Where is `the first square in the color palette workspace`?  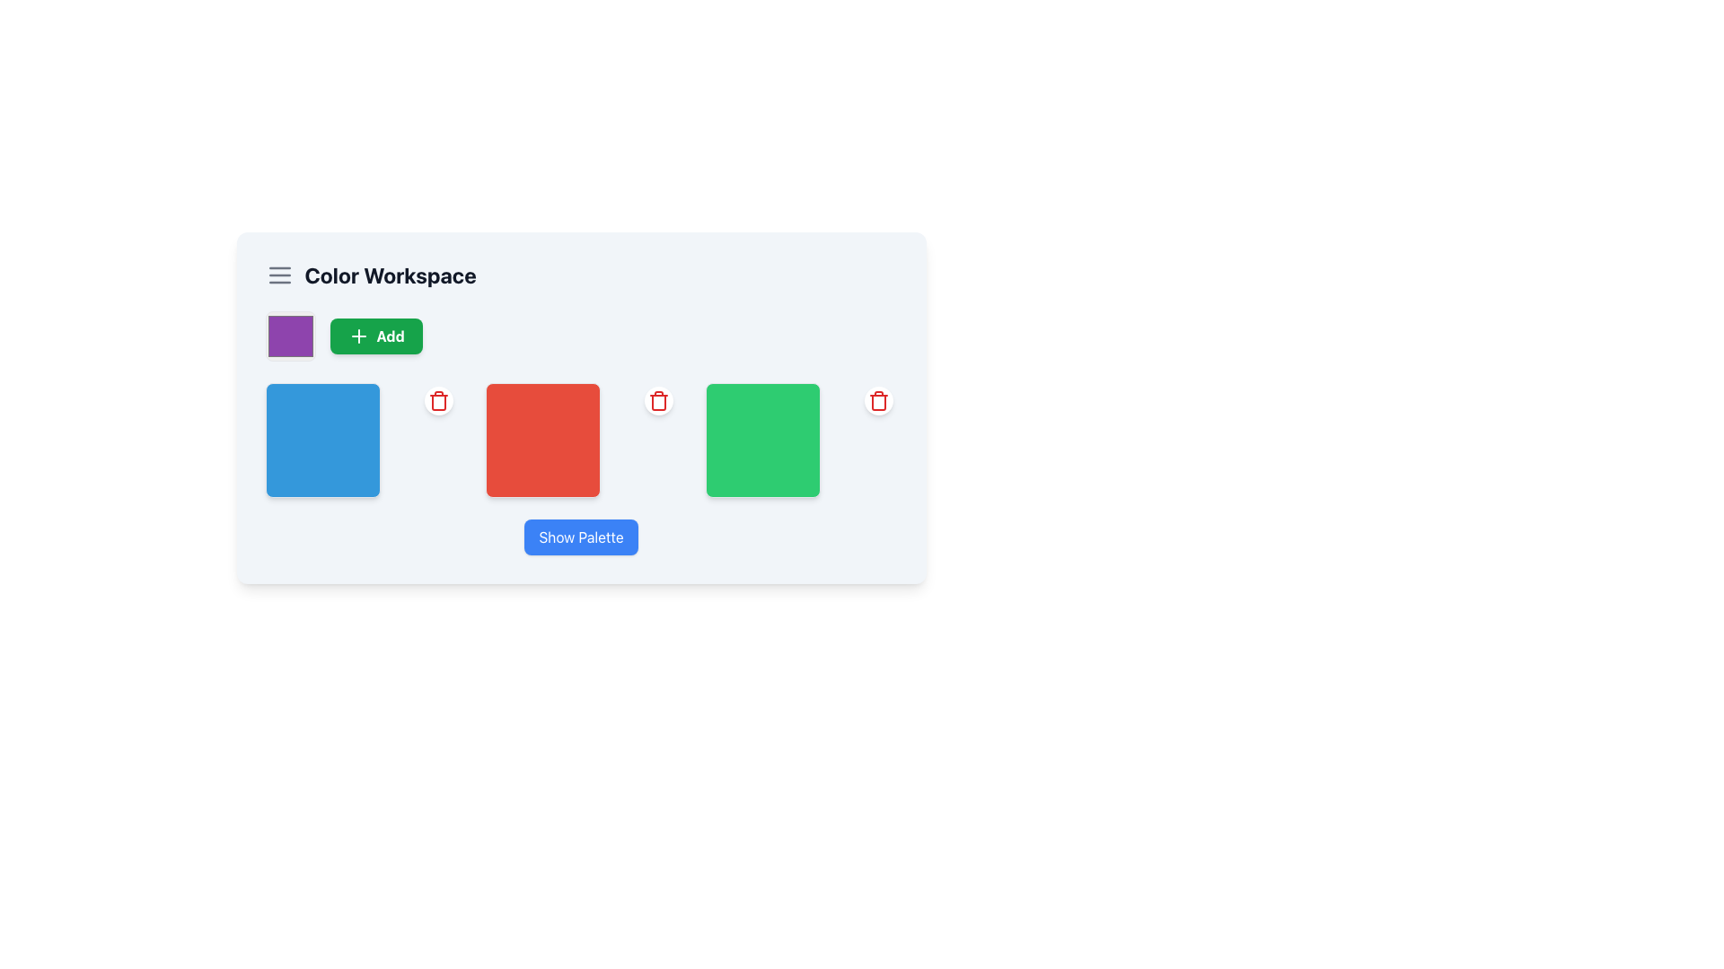
the first square in the color palette workspace is located at coordinates (360, 440).